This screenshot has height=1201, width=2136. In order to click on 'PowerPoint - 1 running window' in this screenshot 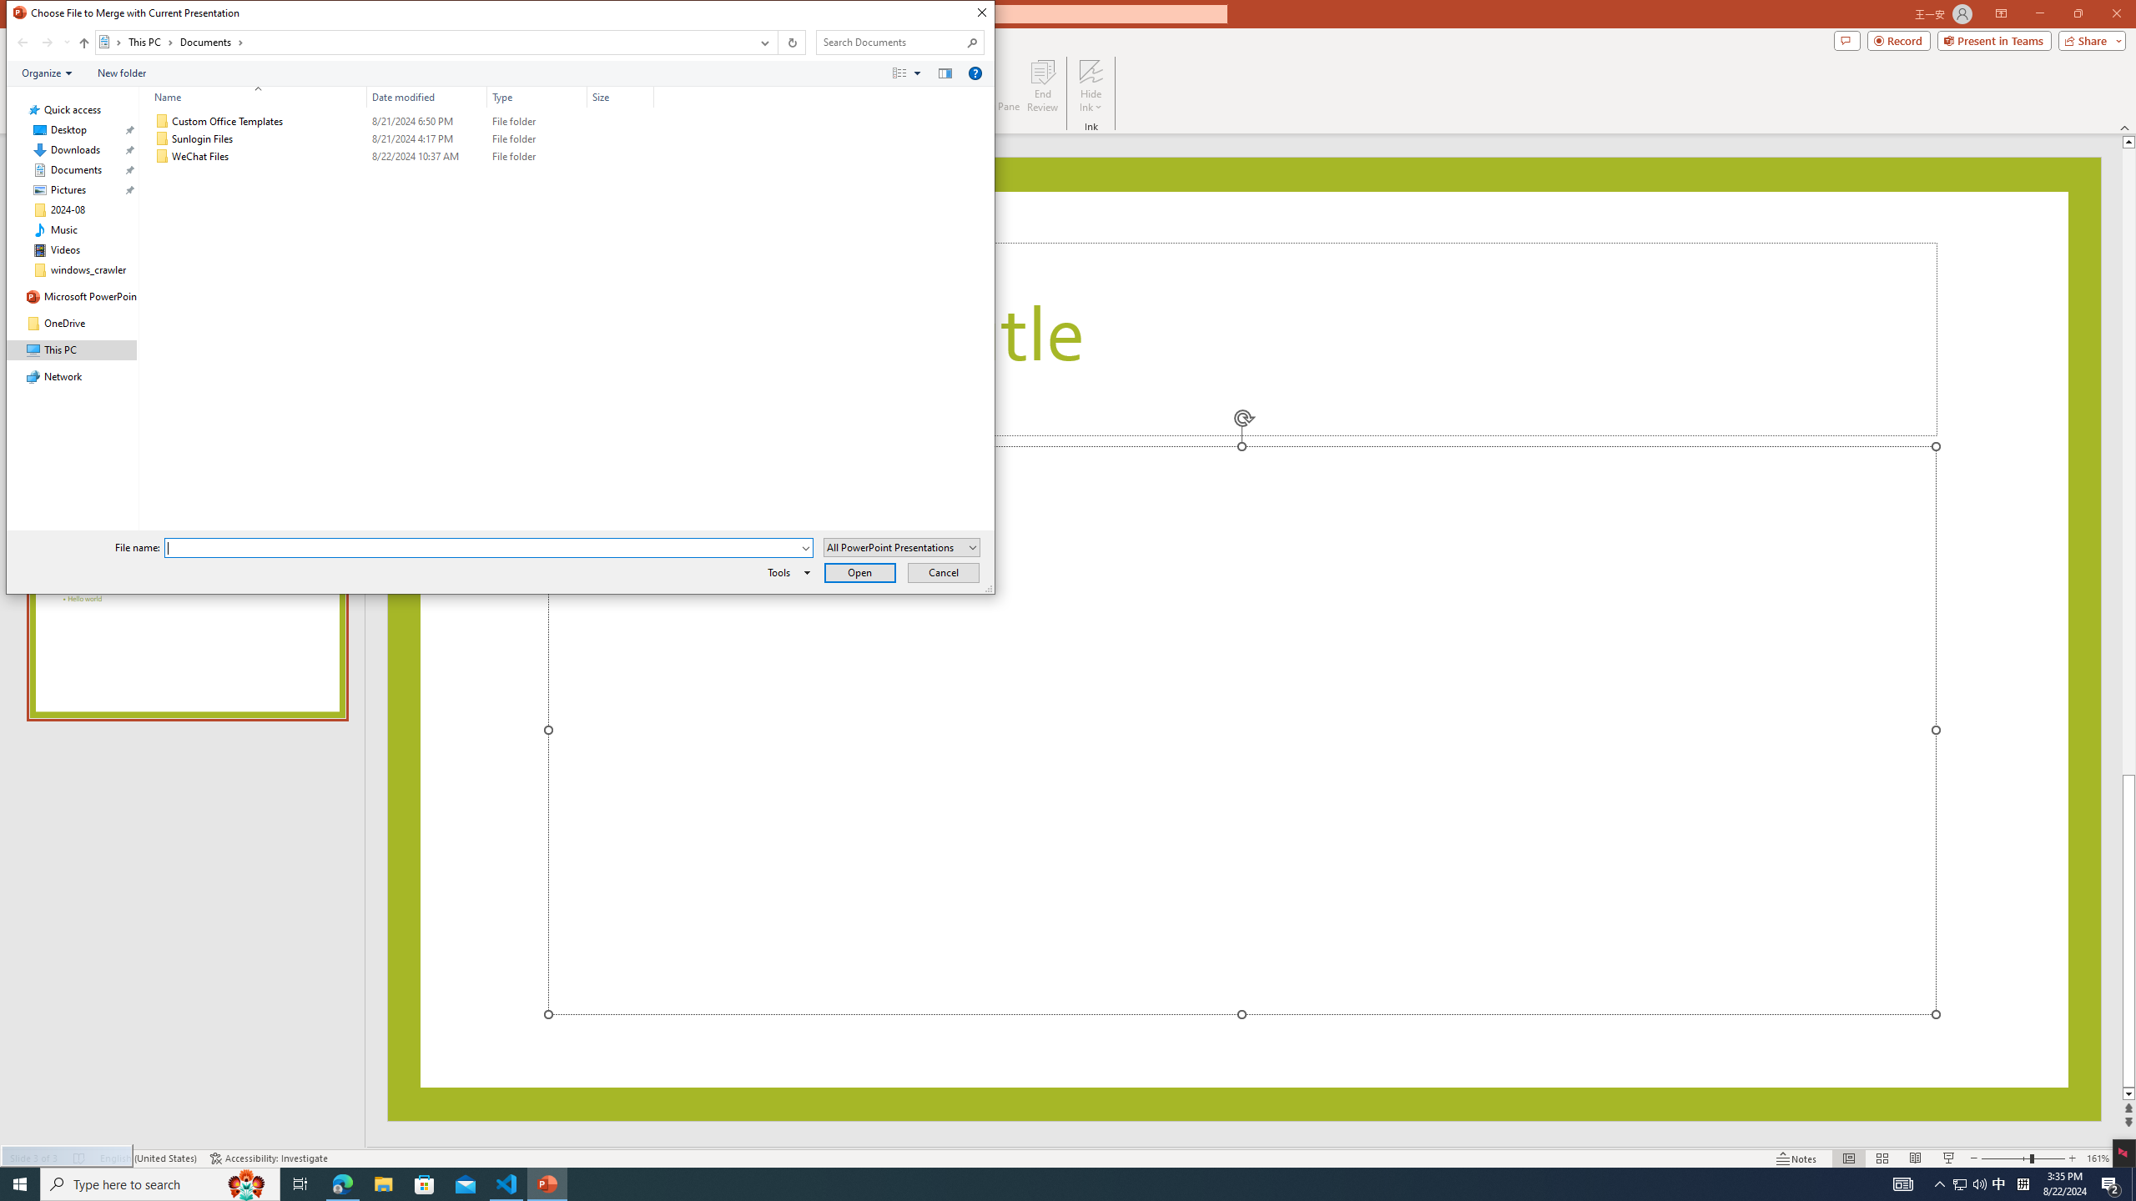, I will do `click(547, 1183)`.